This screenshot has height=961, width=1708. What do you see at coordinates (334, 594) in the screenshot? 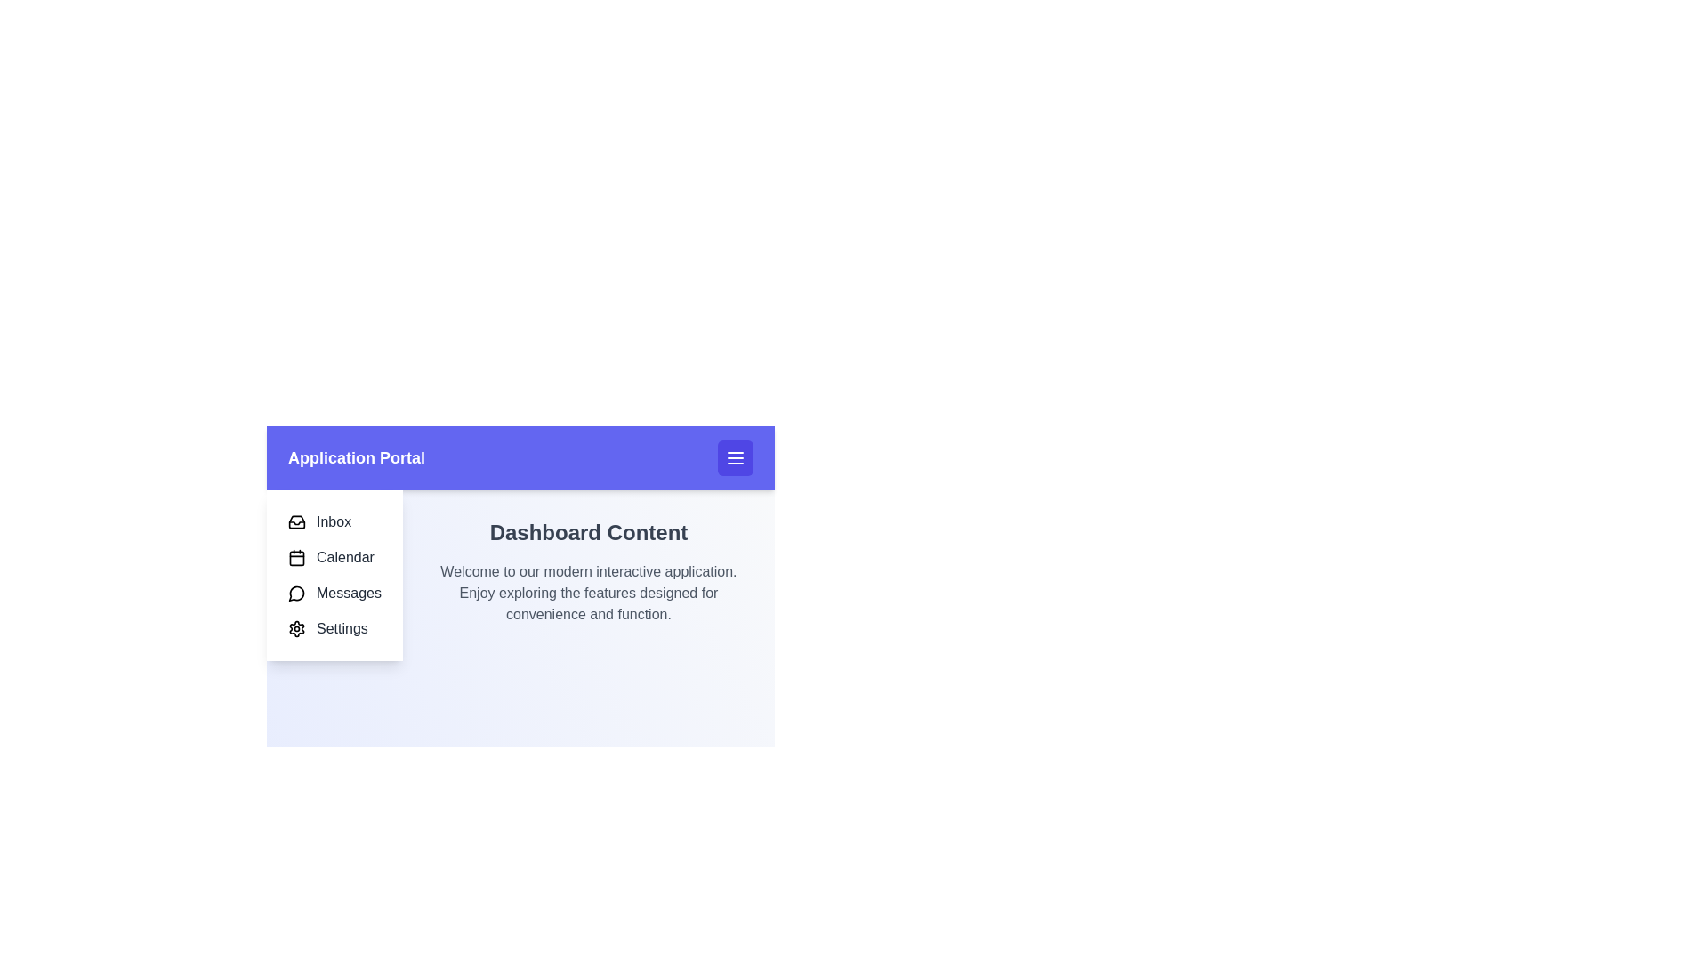
I see `the 'Messages' menu item, which is the third item in the vertical list of the navigational sidebar, positioned between 'Calendar' and 'Settings'` at bounding box center [334, 594].